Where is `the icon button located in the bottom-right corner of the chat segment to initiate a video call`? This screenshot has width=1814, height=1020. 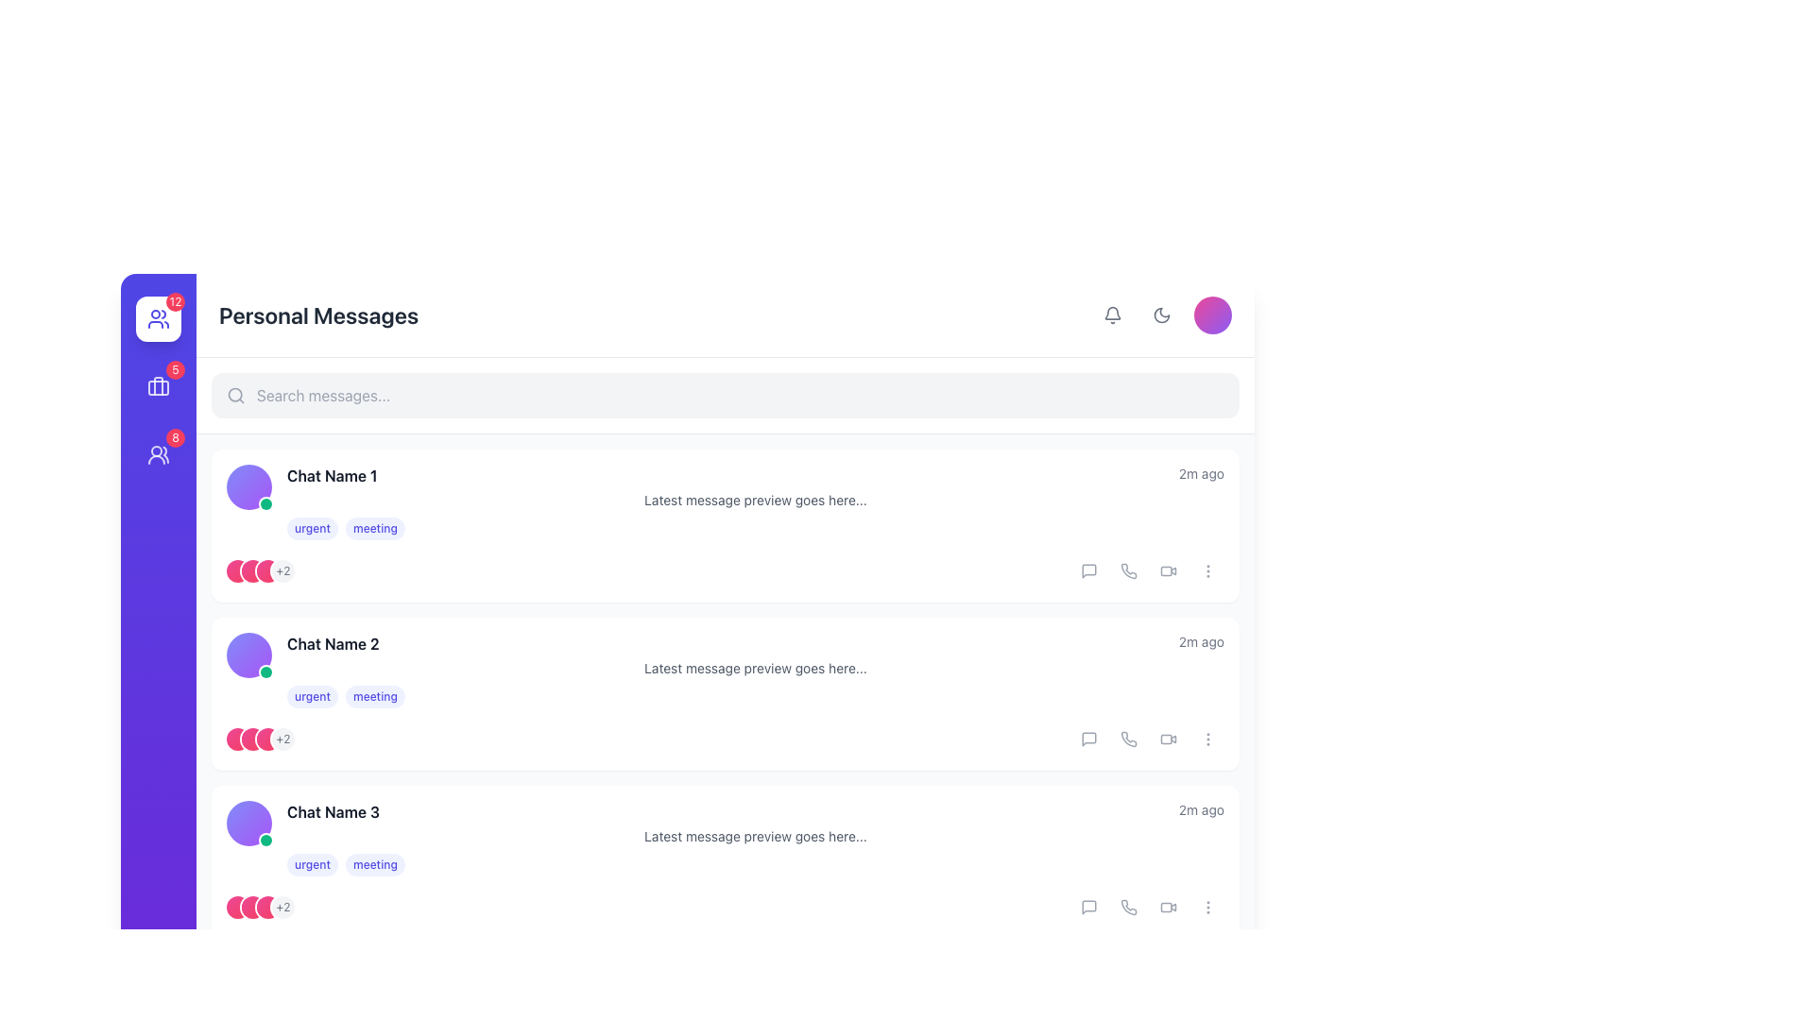
the icon button located in the bottom-right corner of the chat segment to initiate a video call is located at coordinates (1165, 739).